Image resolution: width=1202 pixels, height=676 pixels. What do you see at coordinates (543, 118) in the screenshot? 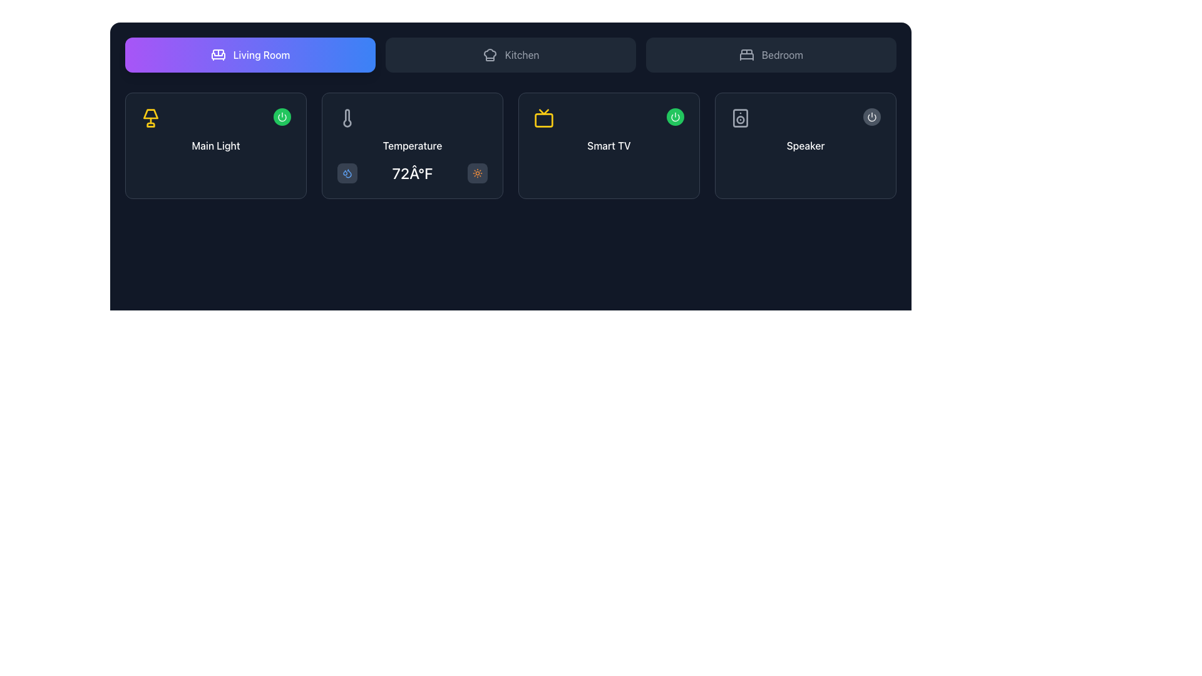
I see `the vintage television icon, which is located centrally within the 'Smart TV' card, characterized by its bright yellow color and geometric style` at bounding box center [543, 118].